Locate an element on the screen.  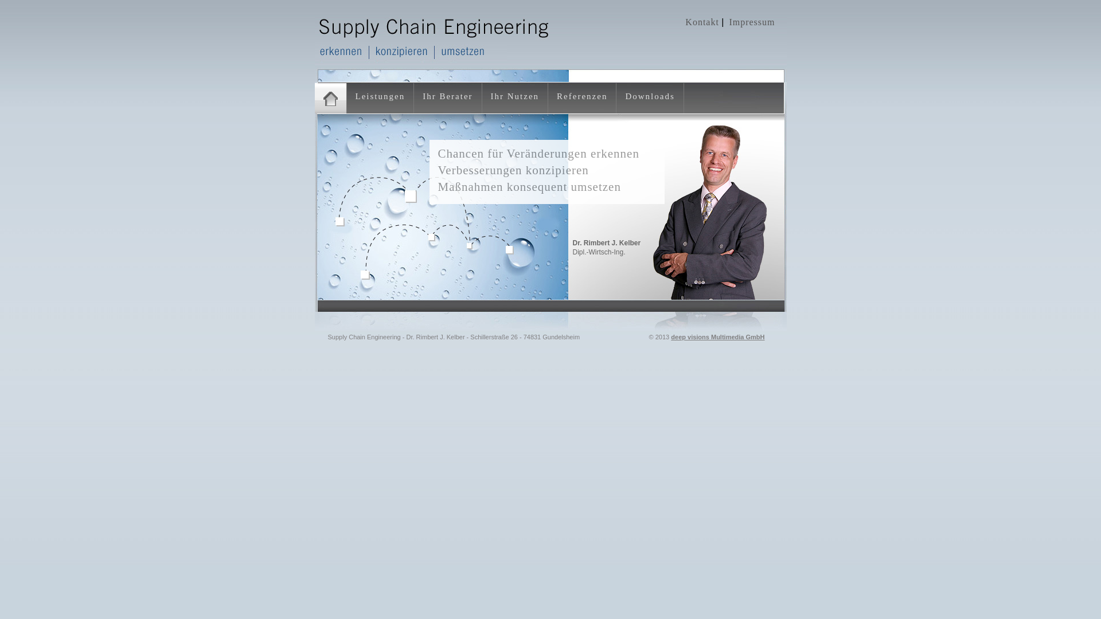
'Ihr Nutzen' is located at coordinates (490, 96).